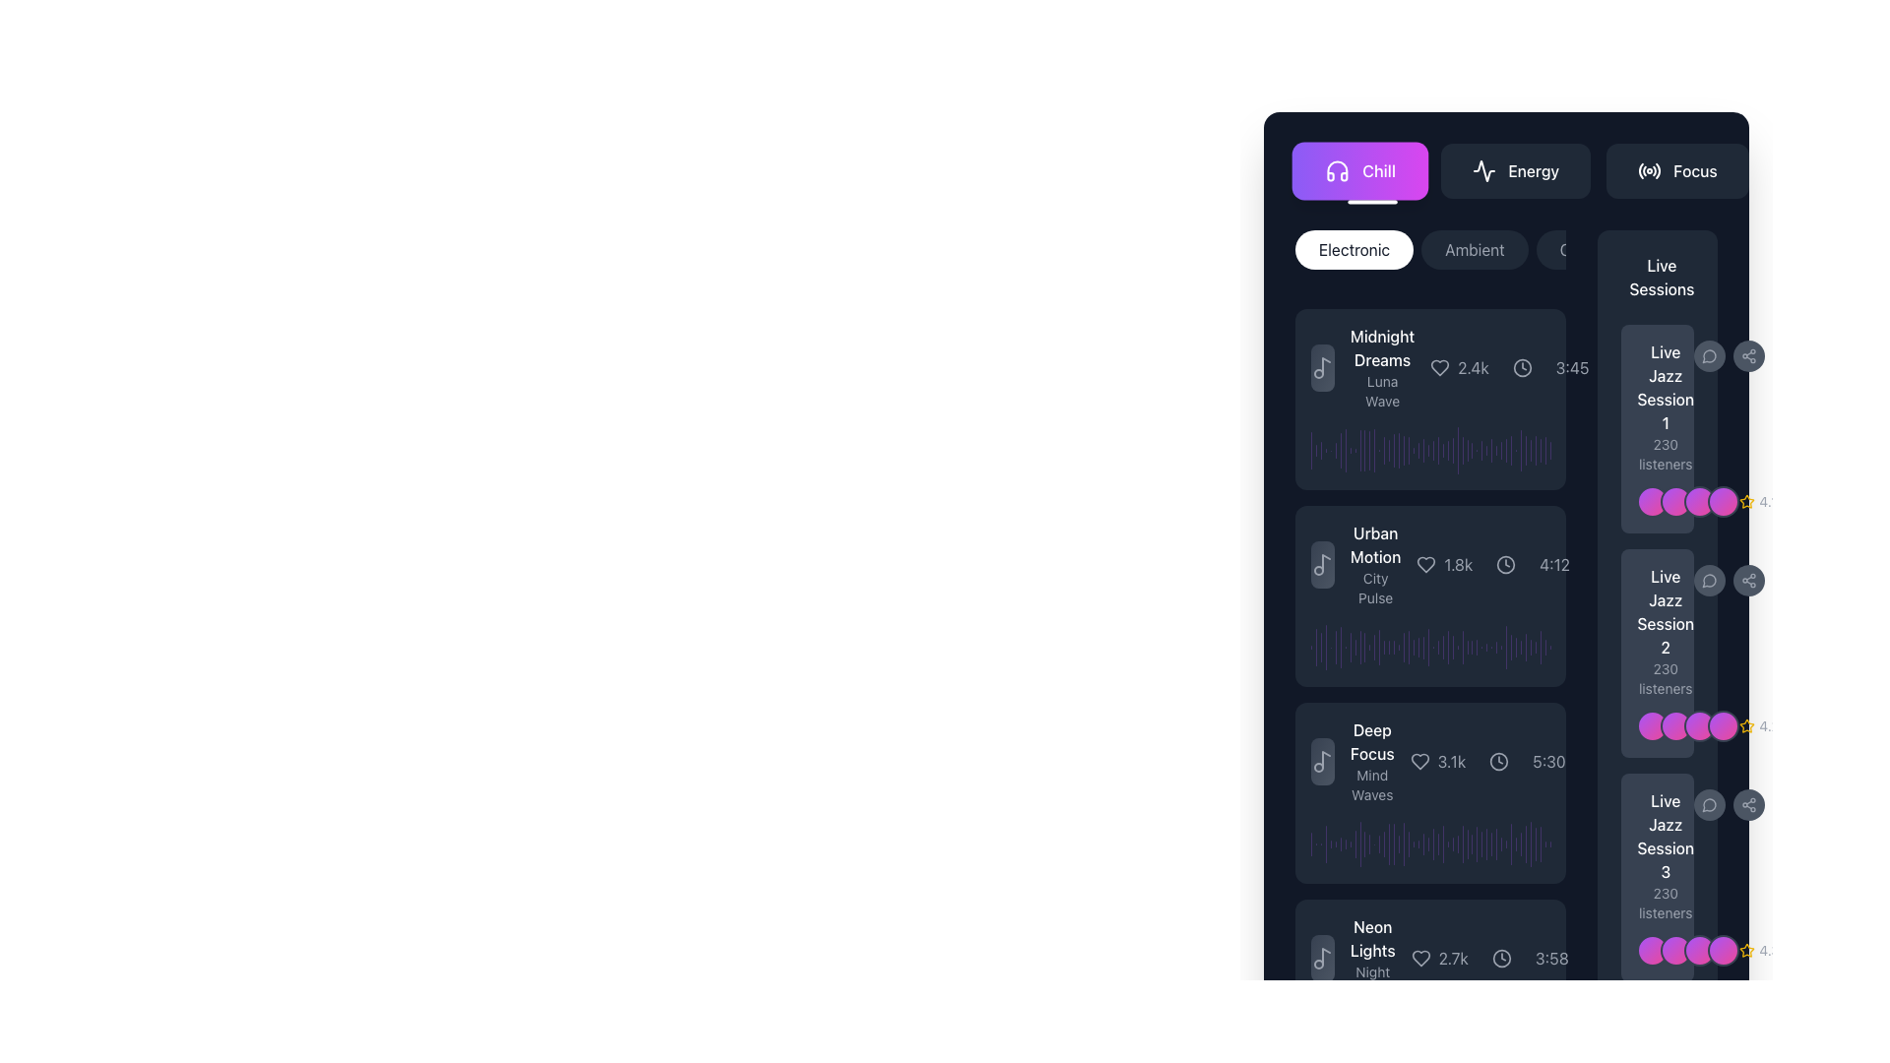 This screenshot has height=1063, width=1890. I want to click on the like count '3.1k' in the Information display component, which provides audio popularity information beneath the song title 'Deep Focus' and to the right of the waveform visualization, so click(1487, 761).